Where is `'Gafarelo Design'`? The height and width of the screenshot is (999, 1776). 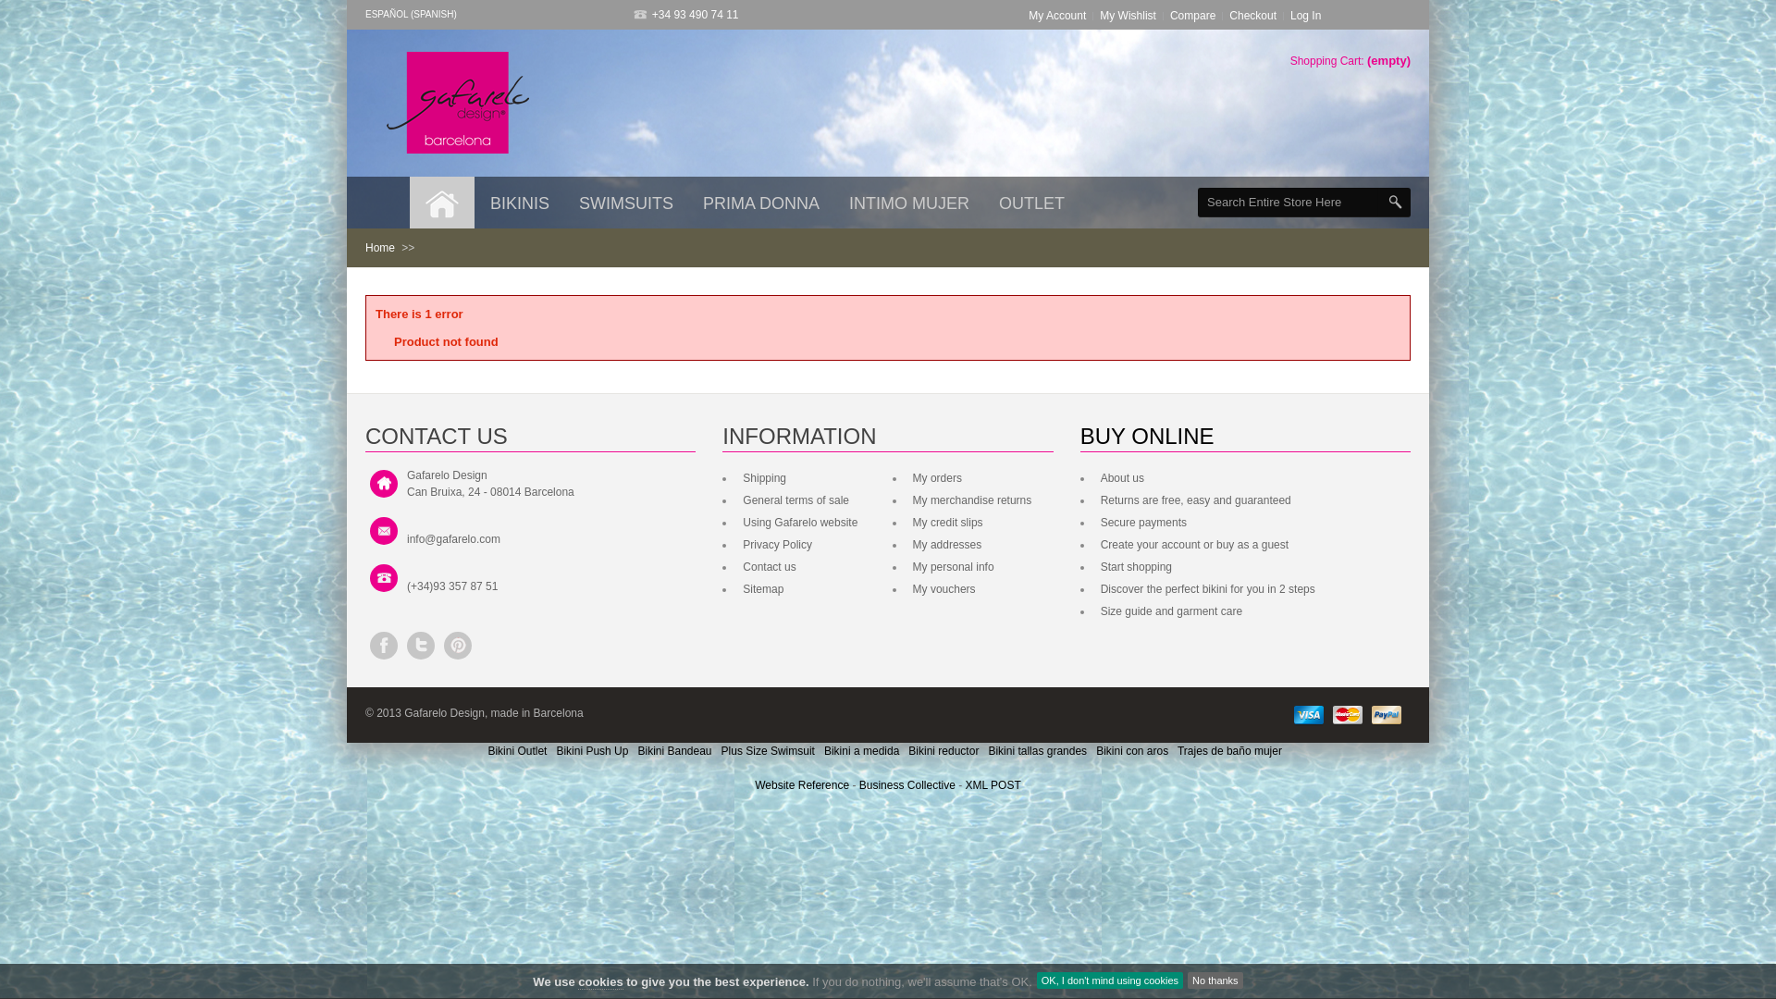 'Gafarelo Design' is located at coordinates (457, 103).